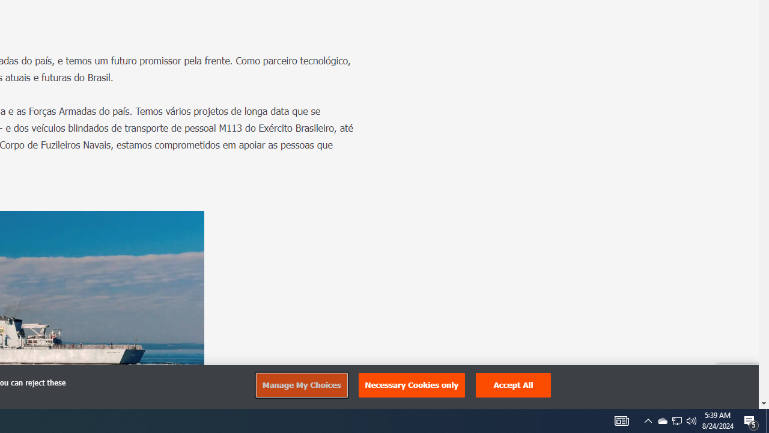 Image resolution: width=769 pixels, height=433 pixels. I want to click on 'Accept All', so click(514, 385).